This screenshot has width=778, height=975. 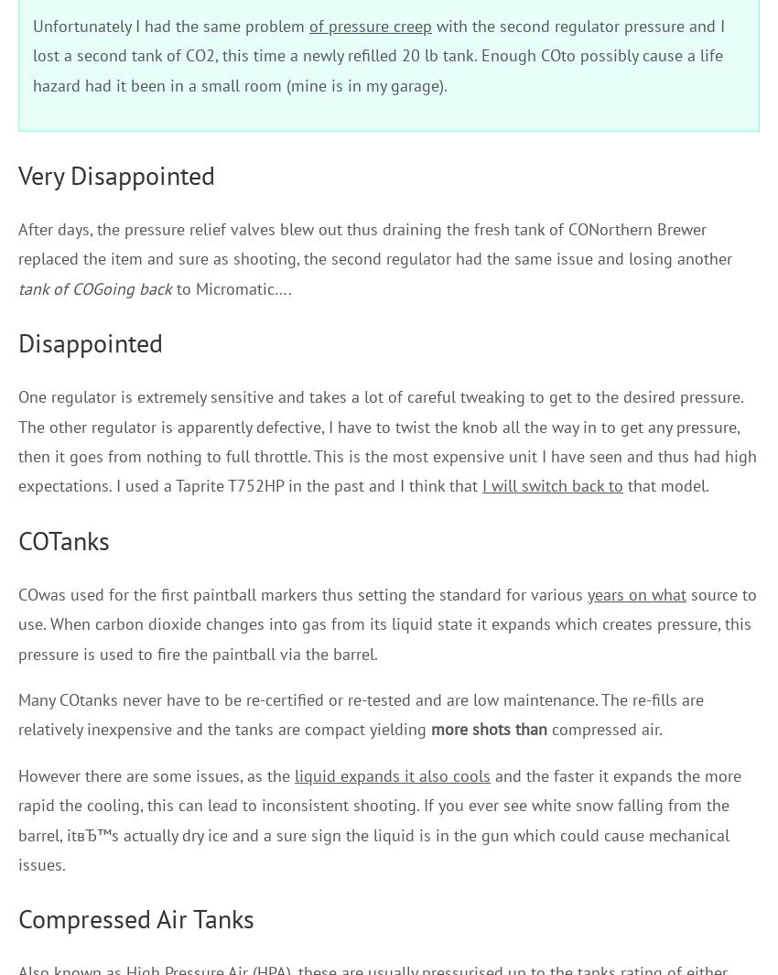 What do you see at coordinates (170, 24) in the screenshot?
I see `'Unfortunately I had the same problem'` at bounding box center [170, 24].